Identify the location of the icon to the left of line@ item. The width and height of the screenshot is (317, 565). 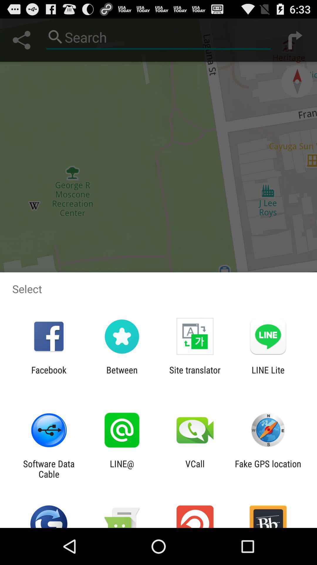
(48, 468).